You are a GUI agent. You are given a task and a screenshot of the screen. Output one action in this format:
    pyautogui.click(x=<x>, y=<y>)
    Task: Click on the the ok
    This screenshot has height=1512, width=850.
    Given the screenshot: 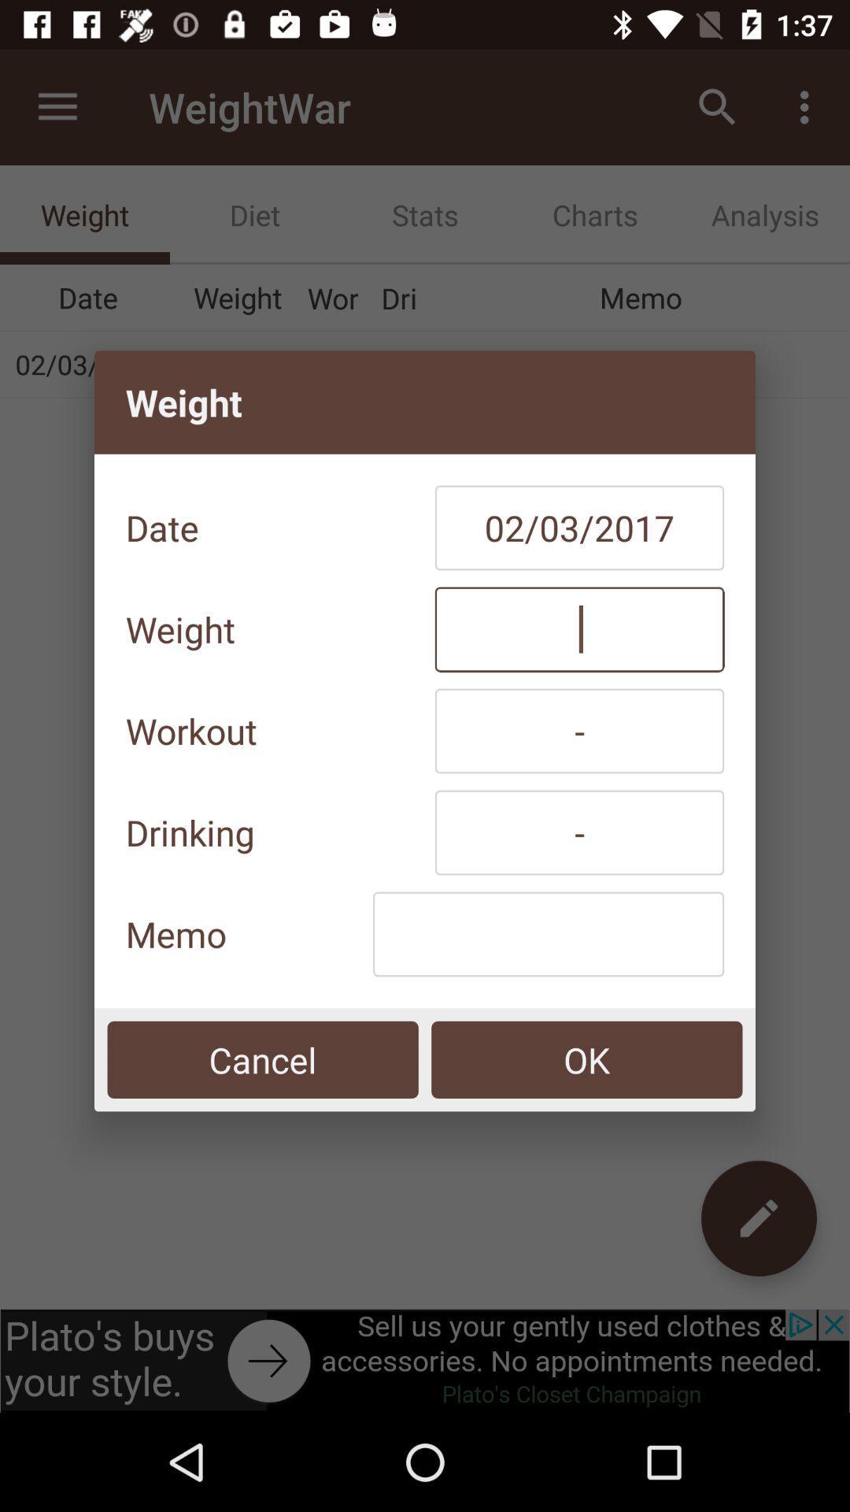 What is the action you would take?
    pyautogui.click(x=586, y=1059)
    